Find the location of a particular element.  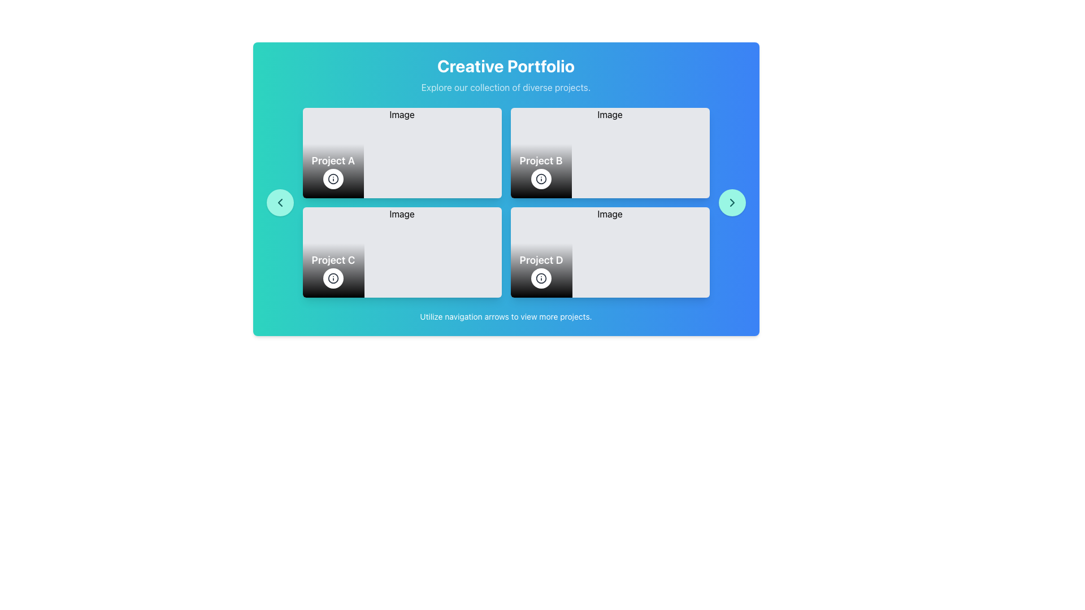

the rounded teal button with a chevron on the right to observe the background color change is located at coordinates (732, 202).